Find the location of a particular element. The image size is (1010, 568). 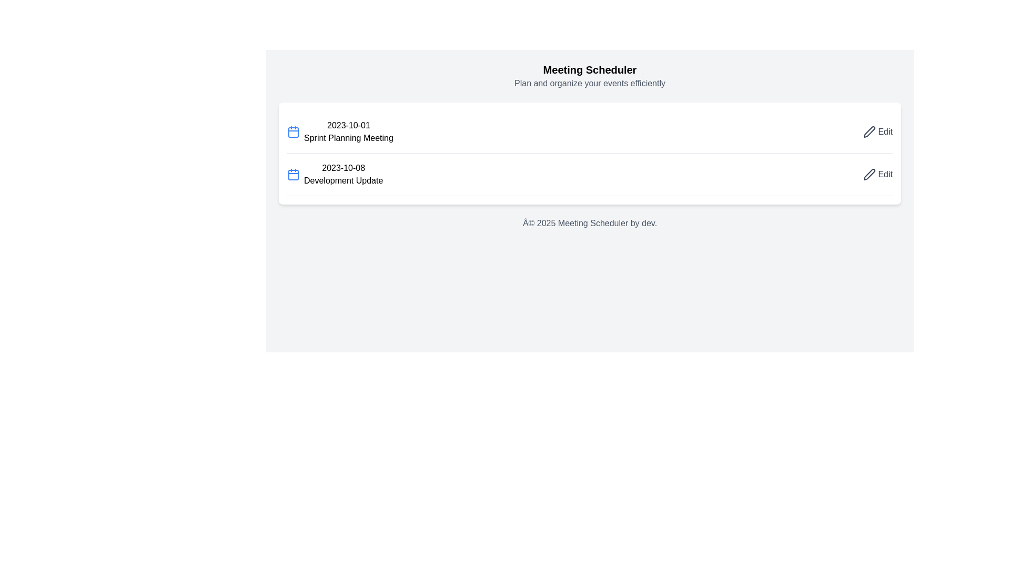

the text label displaying 'Development Update', which is located below the date '2023-10-08' and to the right of a blue calendar icon is located at coordinates (344, 180).